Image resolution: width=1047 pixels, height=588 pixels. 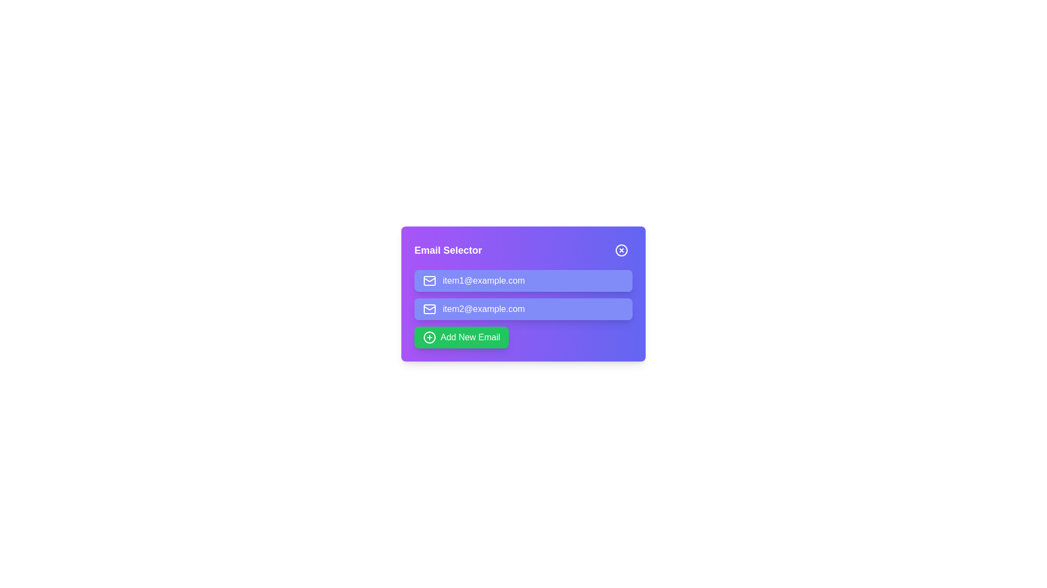 I want to click on the email item item1@example.com, so click(x=523, y=280).